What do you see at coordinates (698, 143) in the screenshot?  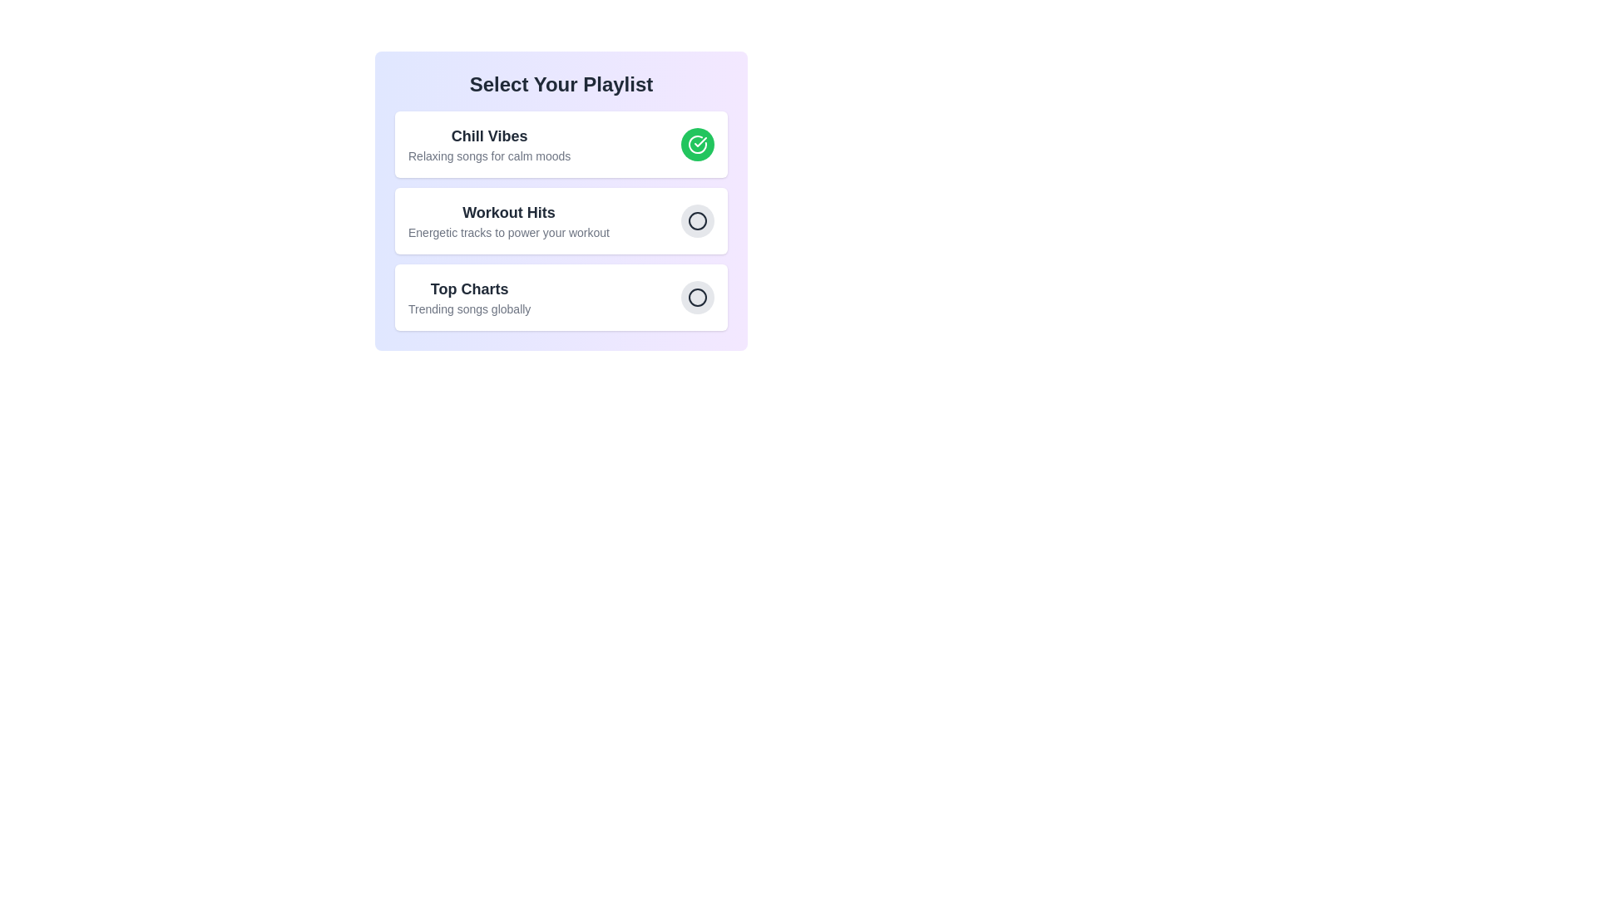 I see `the playlist identified by Chill Vibes` at bounding box center [698, 143].